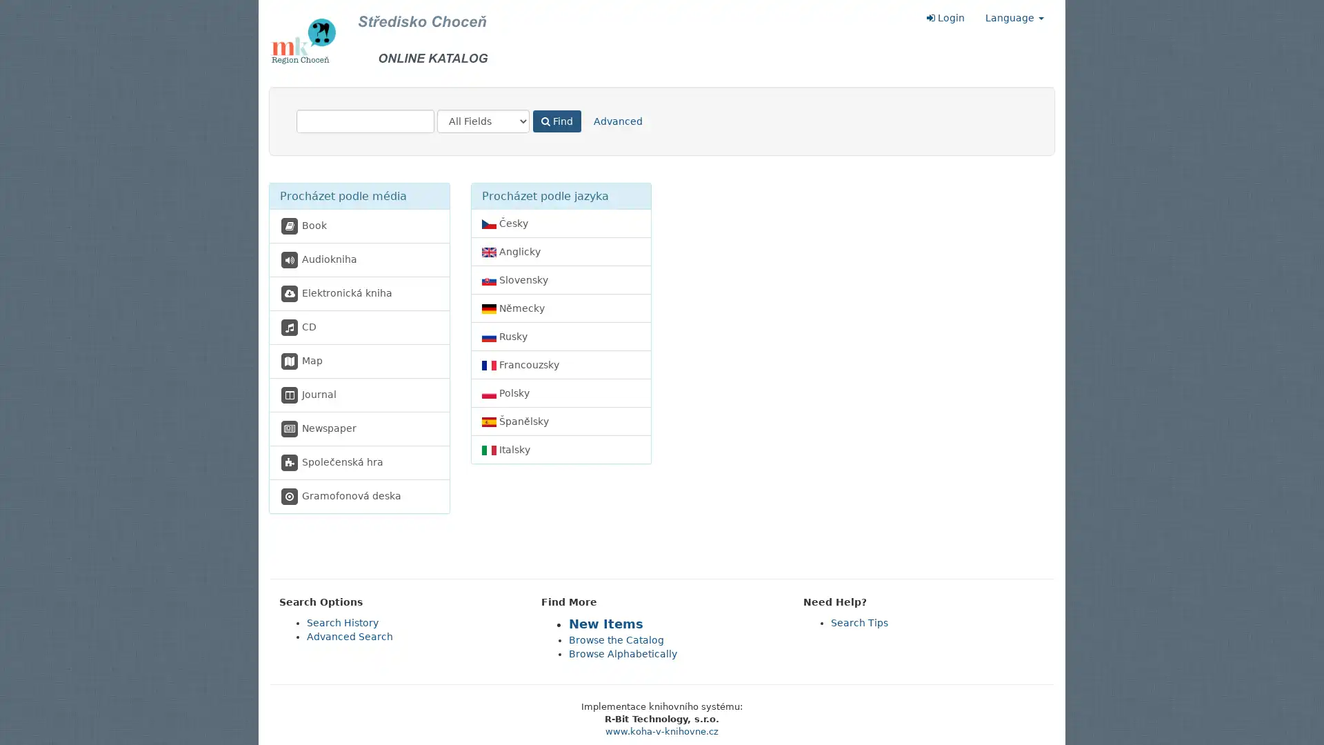 The width and height of the screenshot is (1324, 745). What do you see at coordinates (556, 121) in the screenshot?
I see `Find` at bounding box center [556, 121].